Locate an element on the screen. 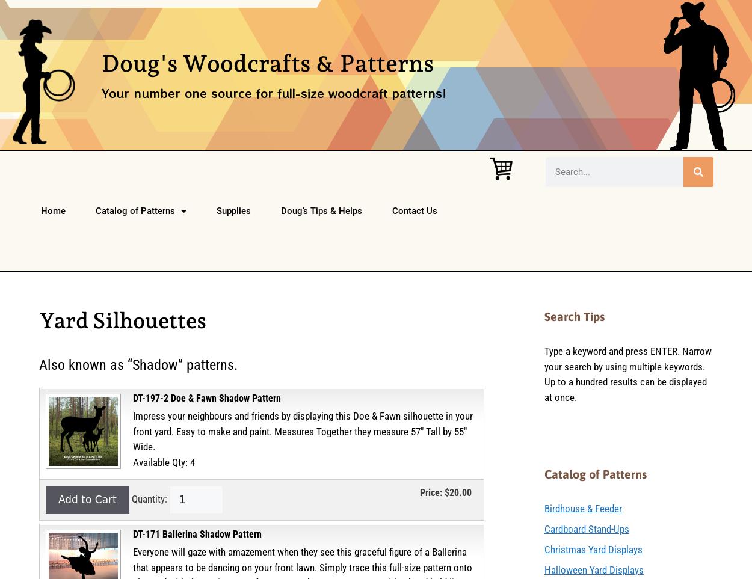  'Doug's Woodcrafts & Patterns' is located at coordinates (101, 62).